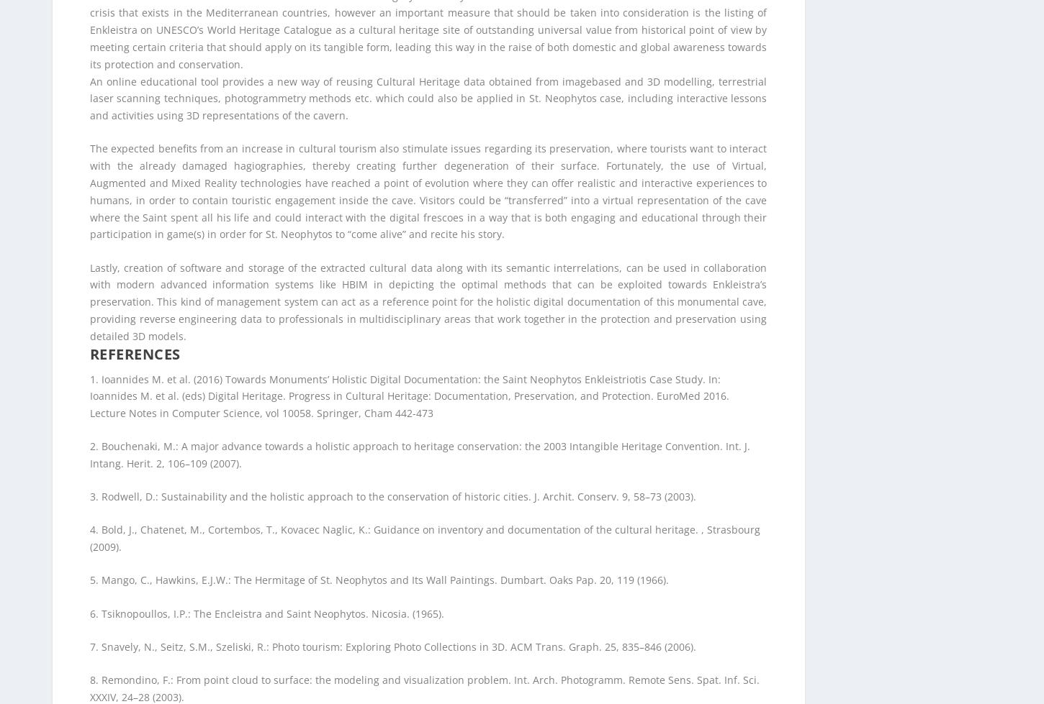 This screenshot has width=1044, height=704. Describe the element at coordinates (207, 589) in the screenshot. I see `'to post a comment.'` at that location.